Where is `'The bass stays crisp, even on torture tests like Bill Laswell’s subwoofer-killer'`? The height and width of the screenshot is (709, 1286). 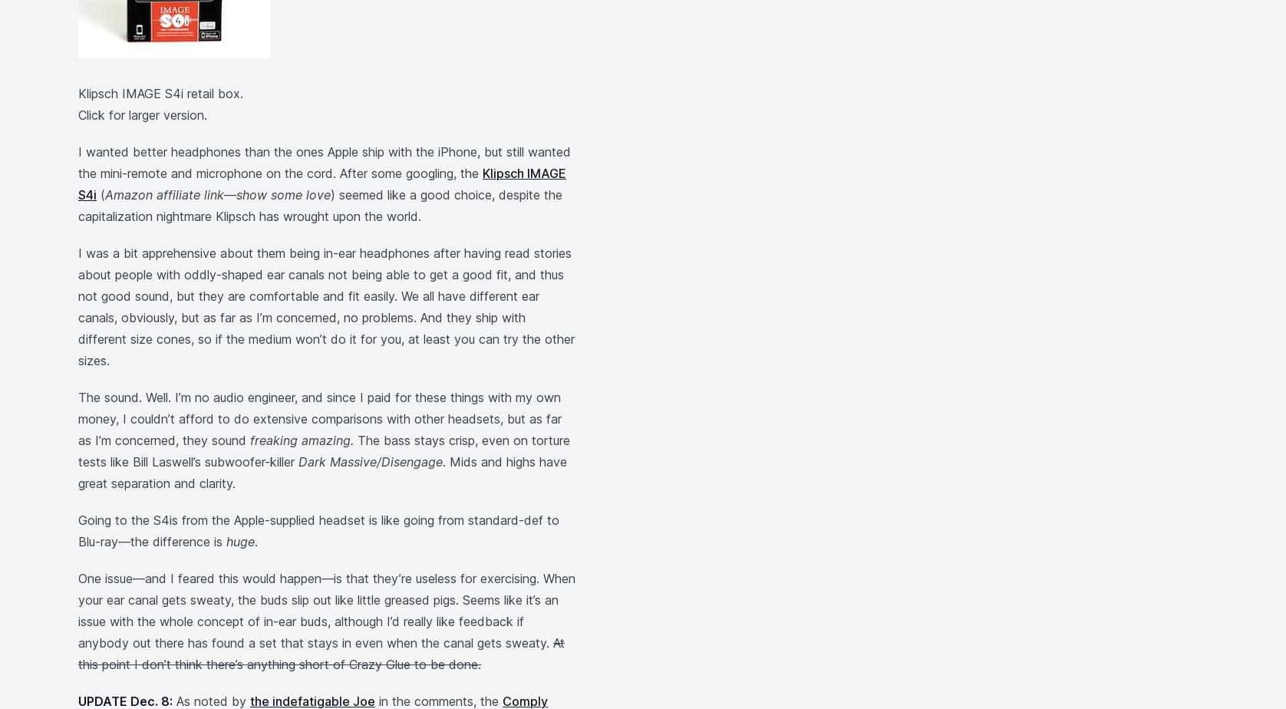
'The bass stays crisp, even on torture tests like Bill Laswell’s subwoofer-killer' is located at coordinates (78, 451).